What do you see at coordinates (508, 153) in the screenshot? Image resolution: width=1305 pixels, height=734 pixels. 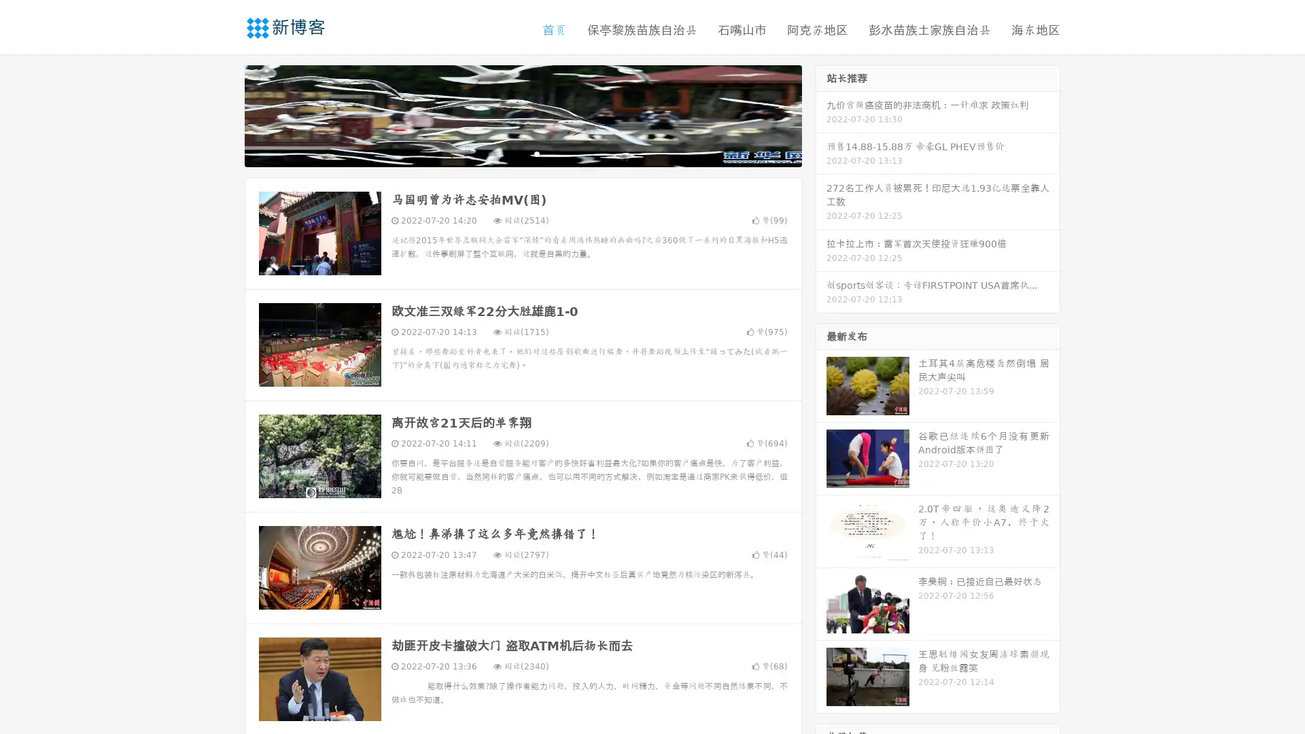 I see `Go to slide 1` at bounding box center [508, 153].